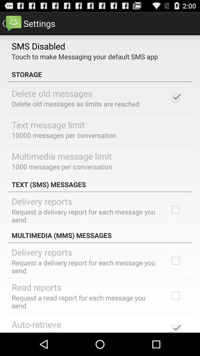 This screenshot has width=200, height=356. What do you see at coordinates (36, 287) in the screenshot?
I see `item above the request a read` at bounding box center [36, 287].